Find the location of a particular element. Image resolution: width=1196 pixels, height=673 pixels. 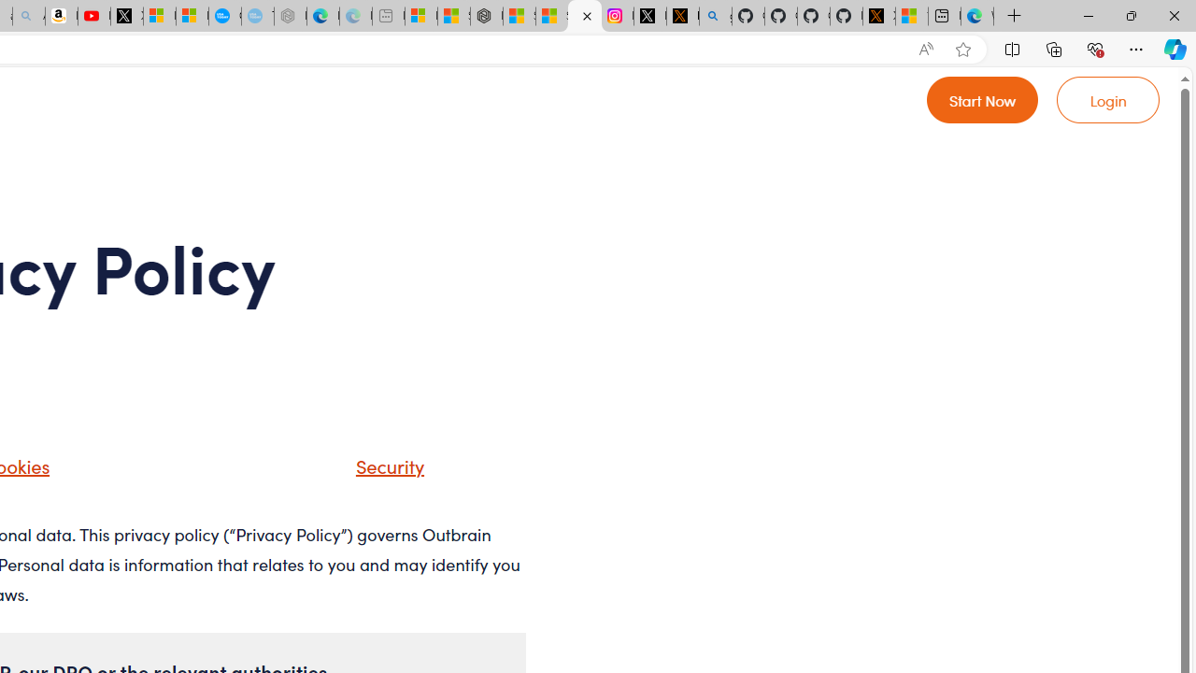

'The most popular Google ' is located at coordinates (256, 16).